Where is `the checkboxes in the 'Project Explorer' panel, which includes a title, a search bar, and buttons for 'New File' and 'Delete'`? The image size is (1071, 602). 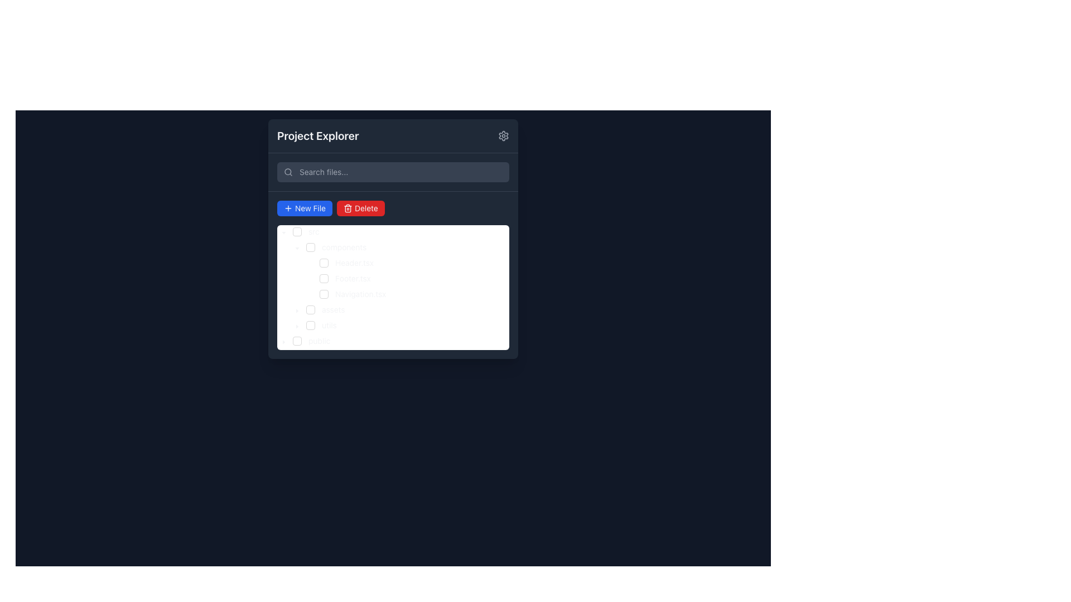 the checkboxes in the 'Project Explorer' panel, which includes a title, a search bar, and buttons for 'New File' and 'Delete' is located at coordinates (393, 238).